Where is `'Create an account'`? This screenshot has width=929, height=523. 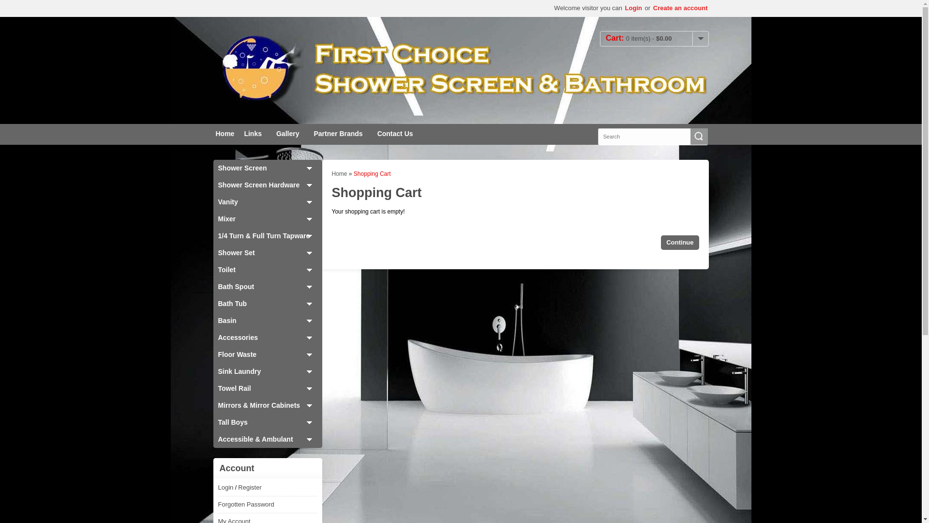
'Create an account' is located at coordinates (680, 8).